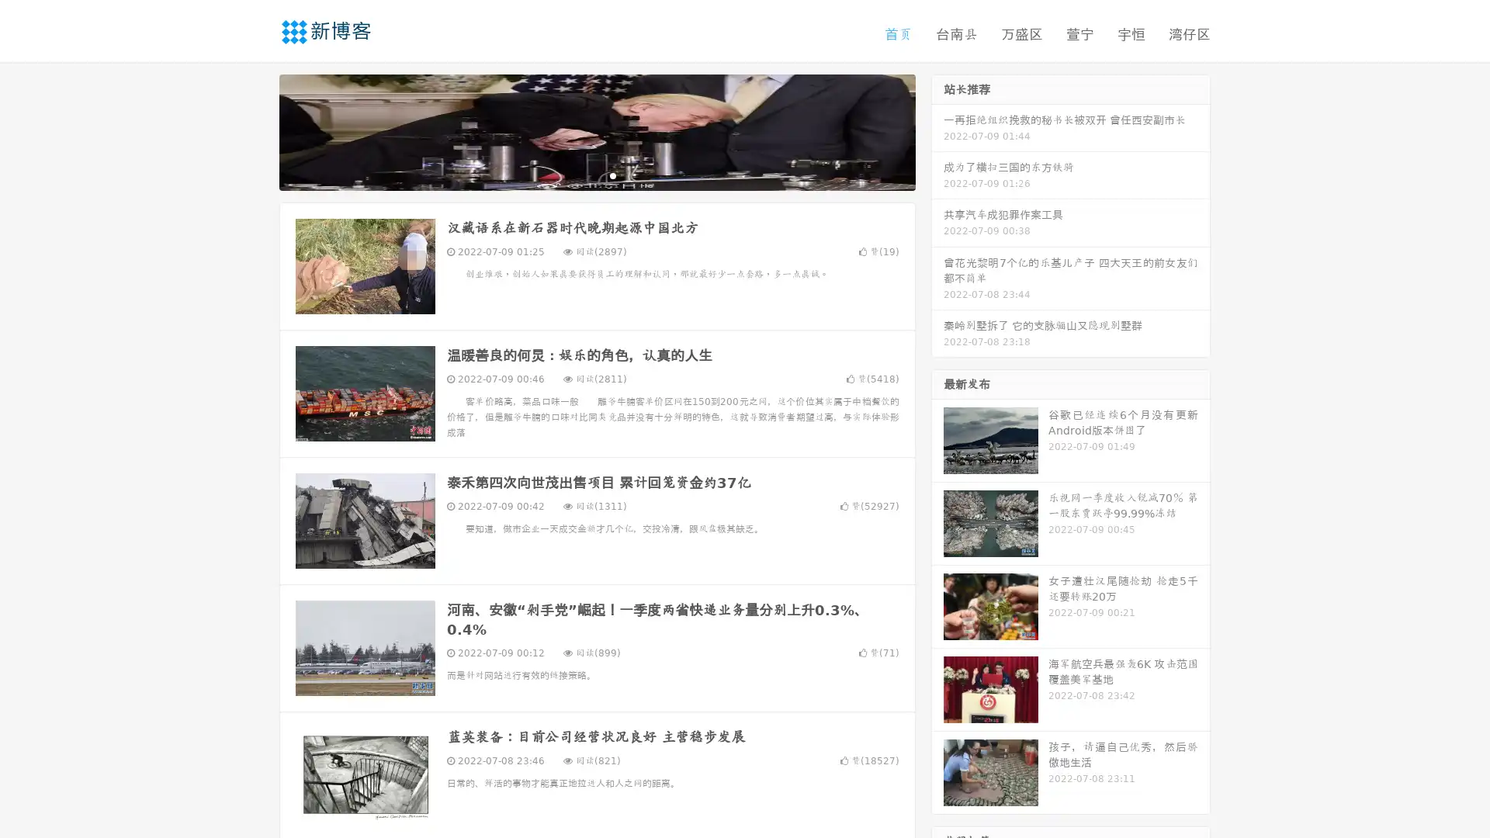  Describe the element at coordinates (580, 175) in the screenshot. I see `Go to slide 1` at that location.